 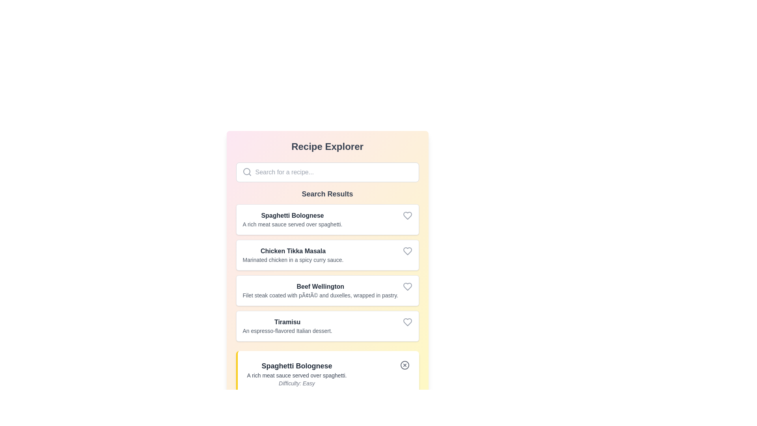 I want to click on the fourth dish card labeled 'Tiramisu' in the 'Search Results' section, so click(x=327, y=326).